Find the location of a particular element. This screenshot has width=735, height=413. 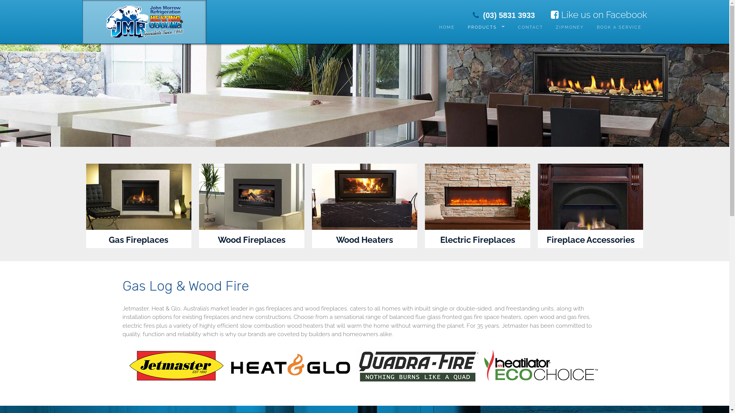

'(03) 5831 3933' is located at coordinates (504, 15).